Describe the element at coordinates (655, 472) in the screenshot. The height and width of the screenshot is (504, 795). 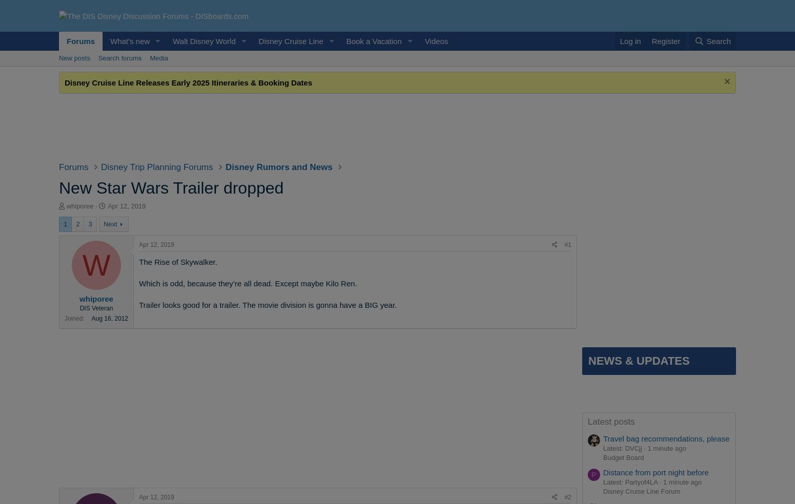
I see `'Distance from port night before'` at that location.